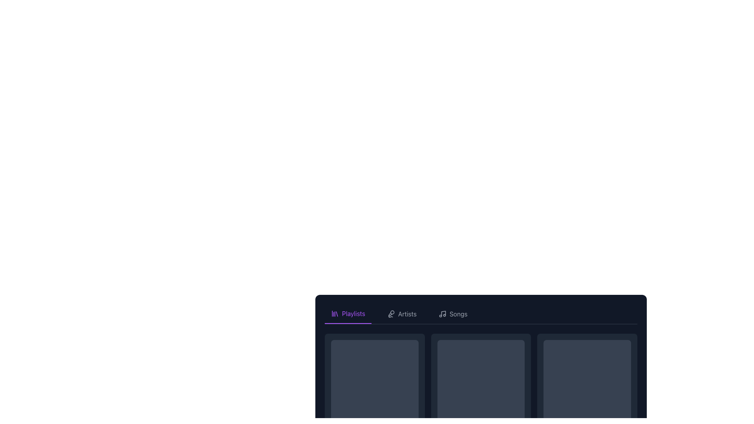  I want to click on 'Songs' icon element located in the navigation menu, which is positioned to the right of the 'Artists' tab and serves as an indicator for the 'Songs' section, so click(442, 313).